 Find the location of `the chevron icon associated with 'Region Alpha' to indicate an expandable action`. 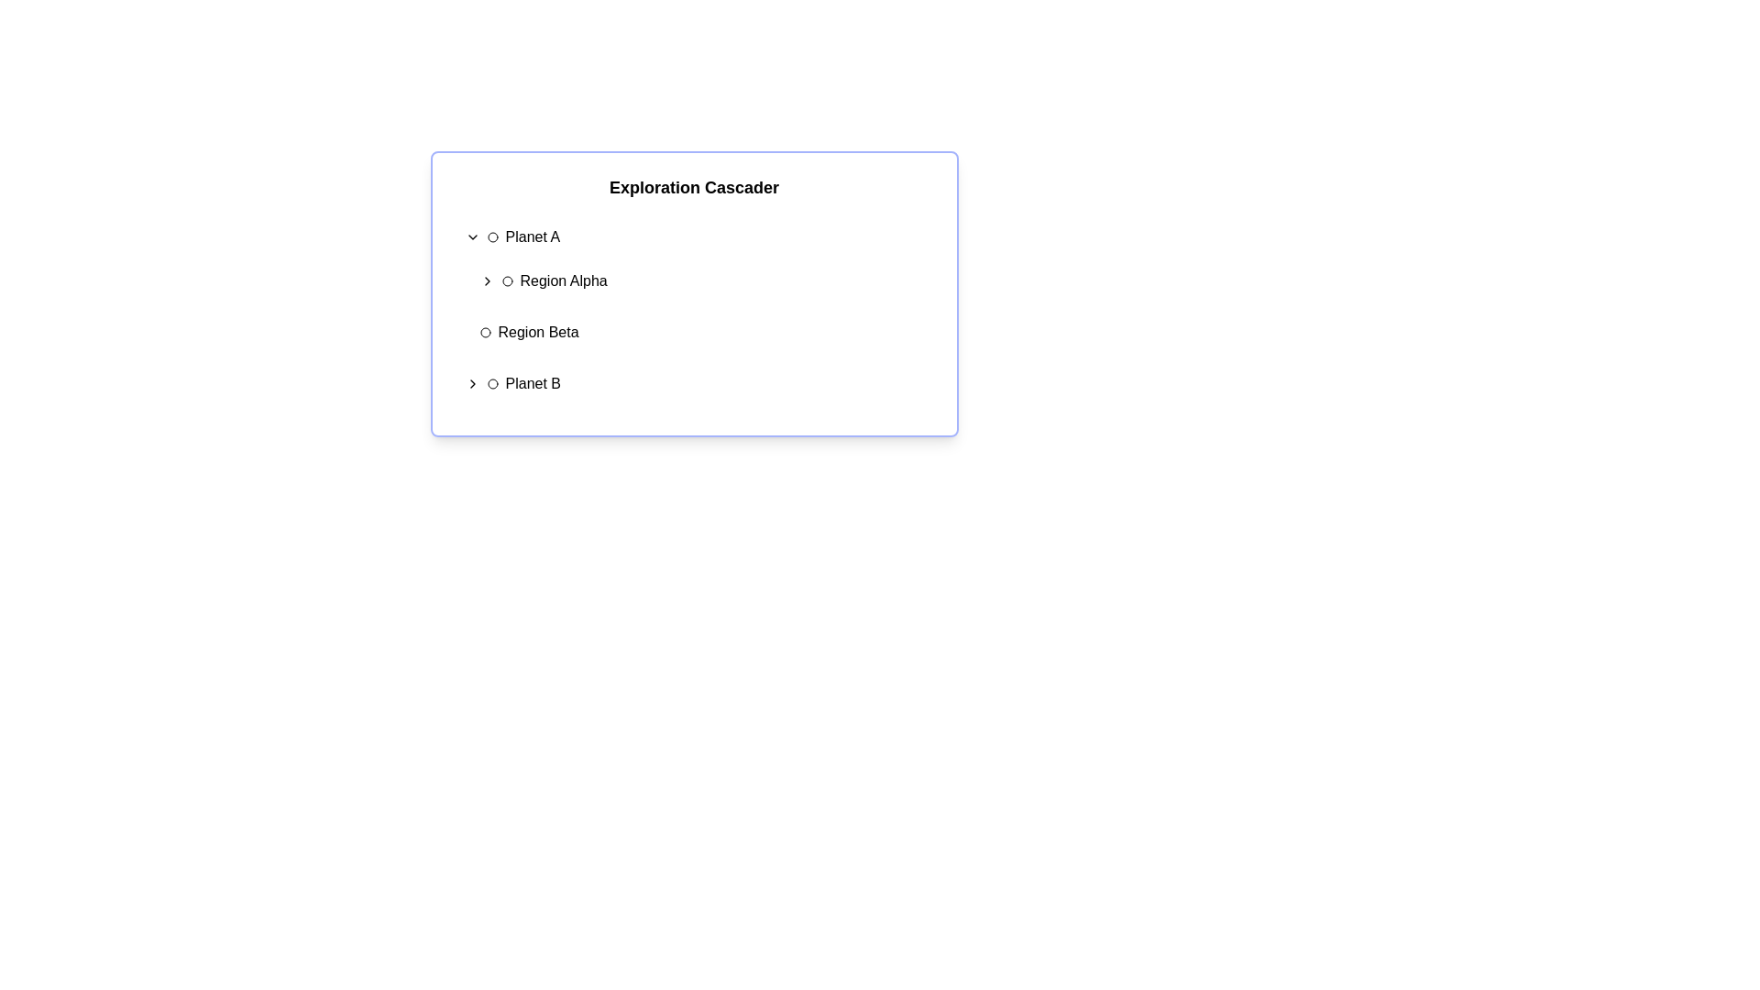

the chevron icon associated with 'Region Alpha' to indicate an expandable action is located at coordinates (487, 281).